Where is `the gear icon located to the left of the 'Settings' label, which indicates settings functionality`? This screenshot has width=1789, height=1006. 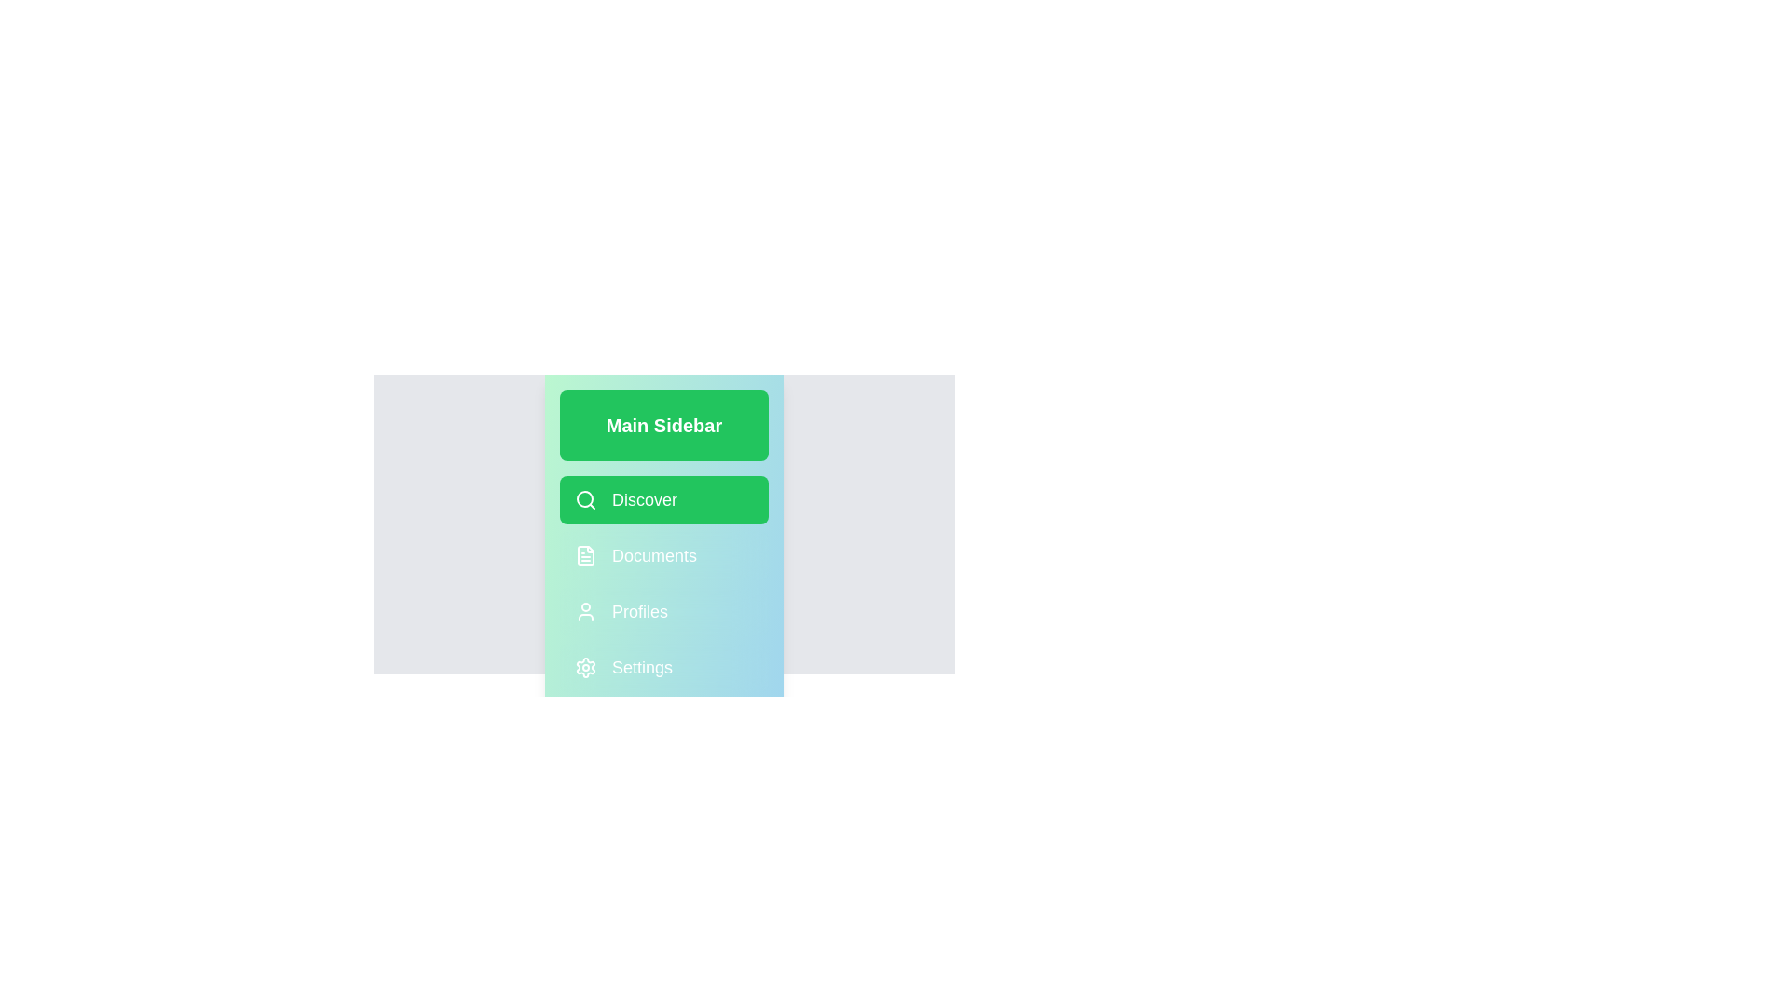 the gear icon located to the left of the 'Settings' label, which indicates settings functionality is located at coordinates (584, 667).